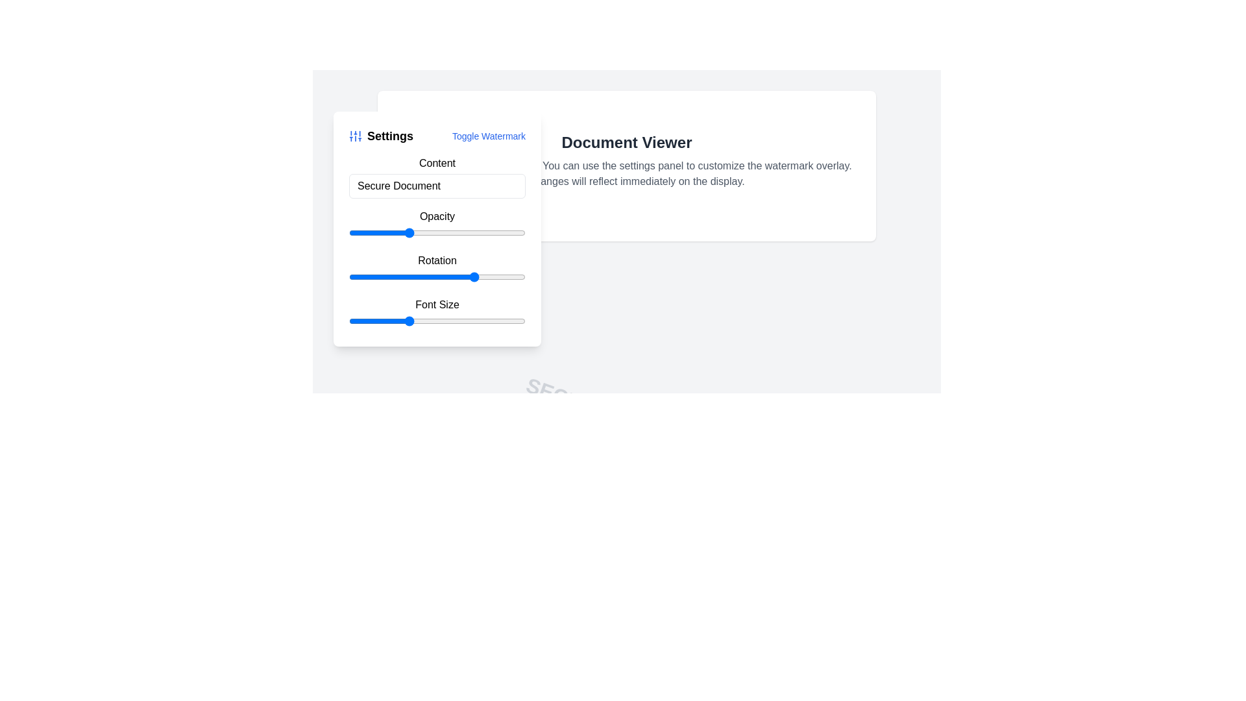 This screenshot has width=1246, height=701. What do you see at coordinates (391, 277) in the screenshot?
I see `rotation` at bounding box center [391, 277].